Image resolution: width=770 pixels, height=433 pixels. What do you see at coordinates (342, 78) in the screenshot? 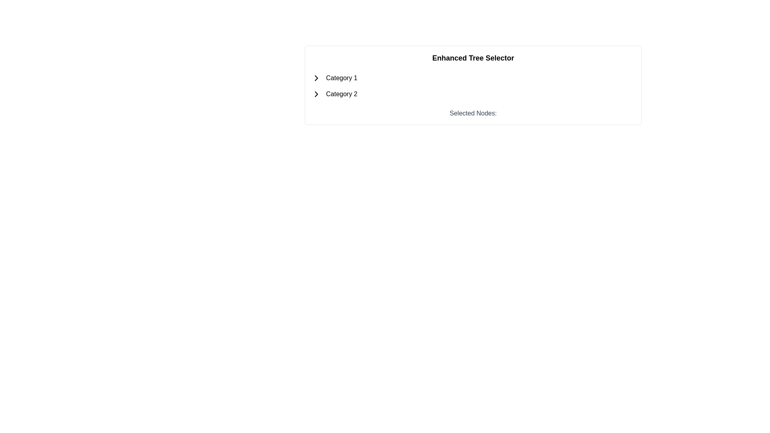
I see `text label that identifies the category, which is the first item in a vertically aligned list and positioned next to a tree structure arrow icon` at bounding box center [342, 78].